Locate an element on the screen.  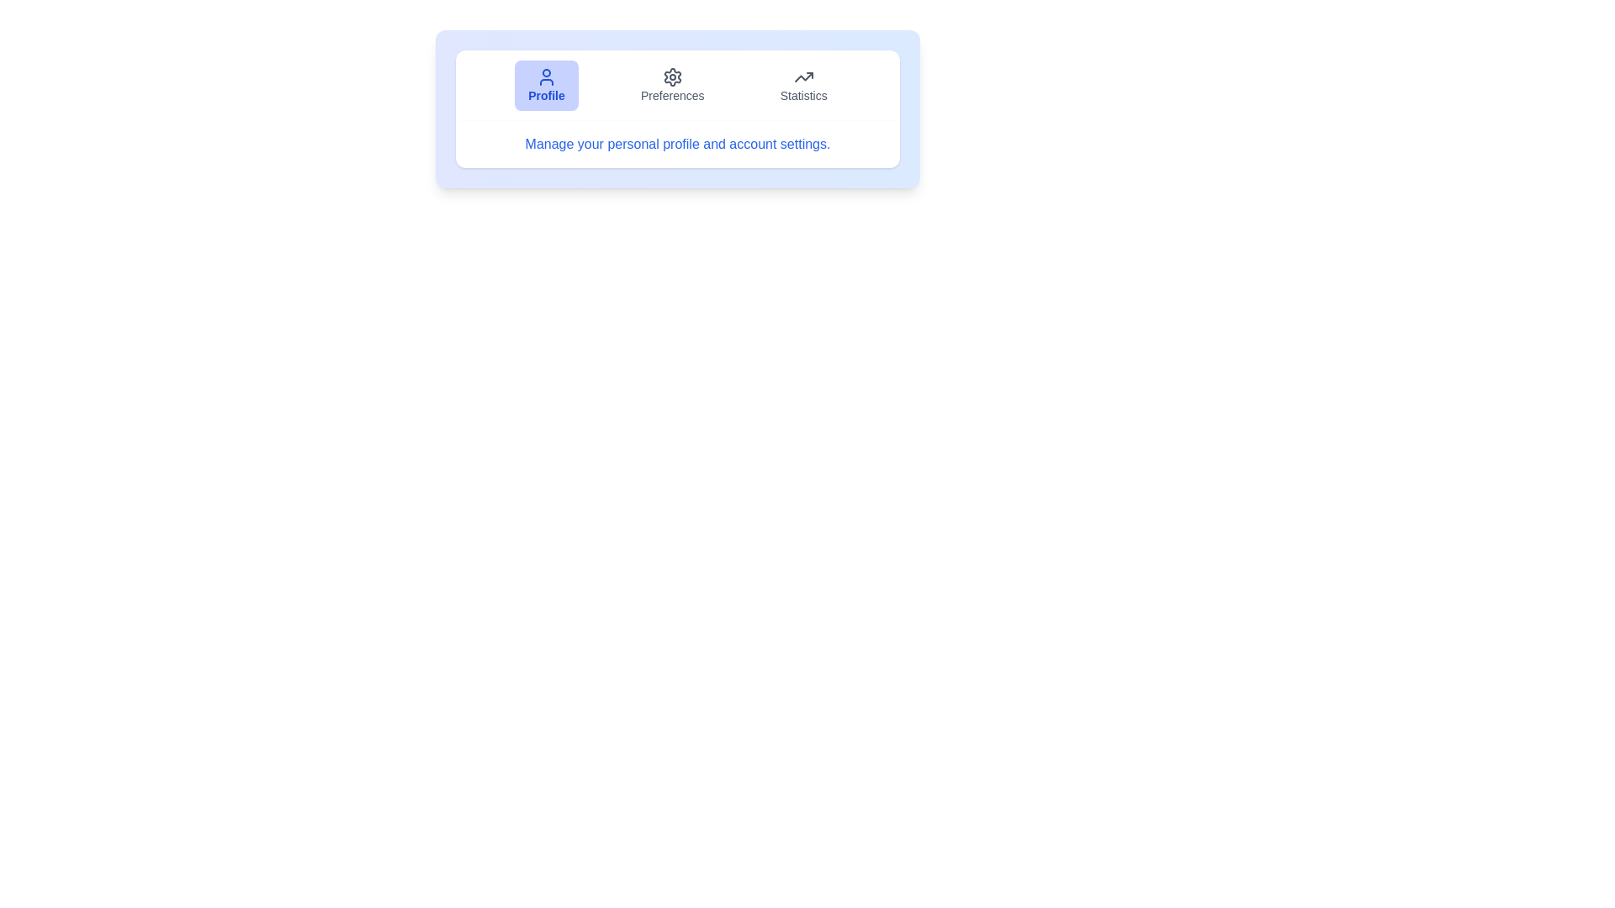
the text 'Manage your personal profile and account settings.' is located at coordinates (678, 144).